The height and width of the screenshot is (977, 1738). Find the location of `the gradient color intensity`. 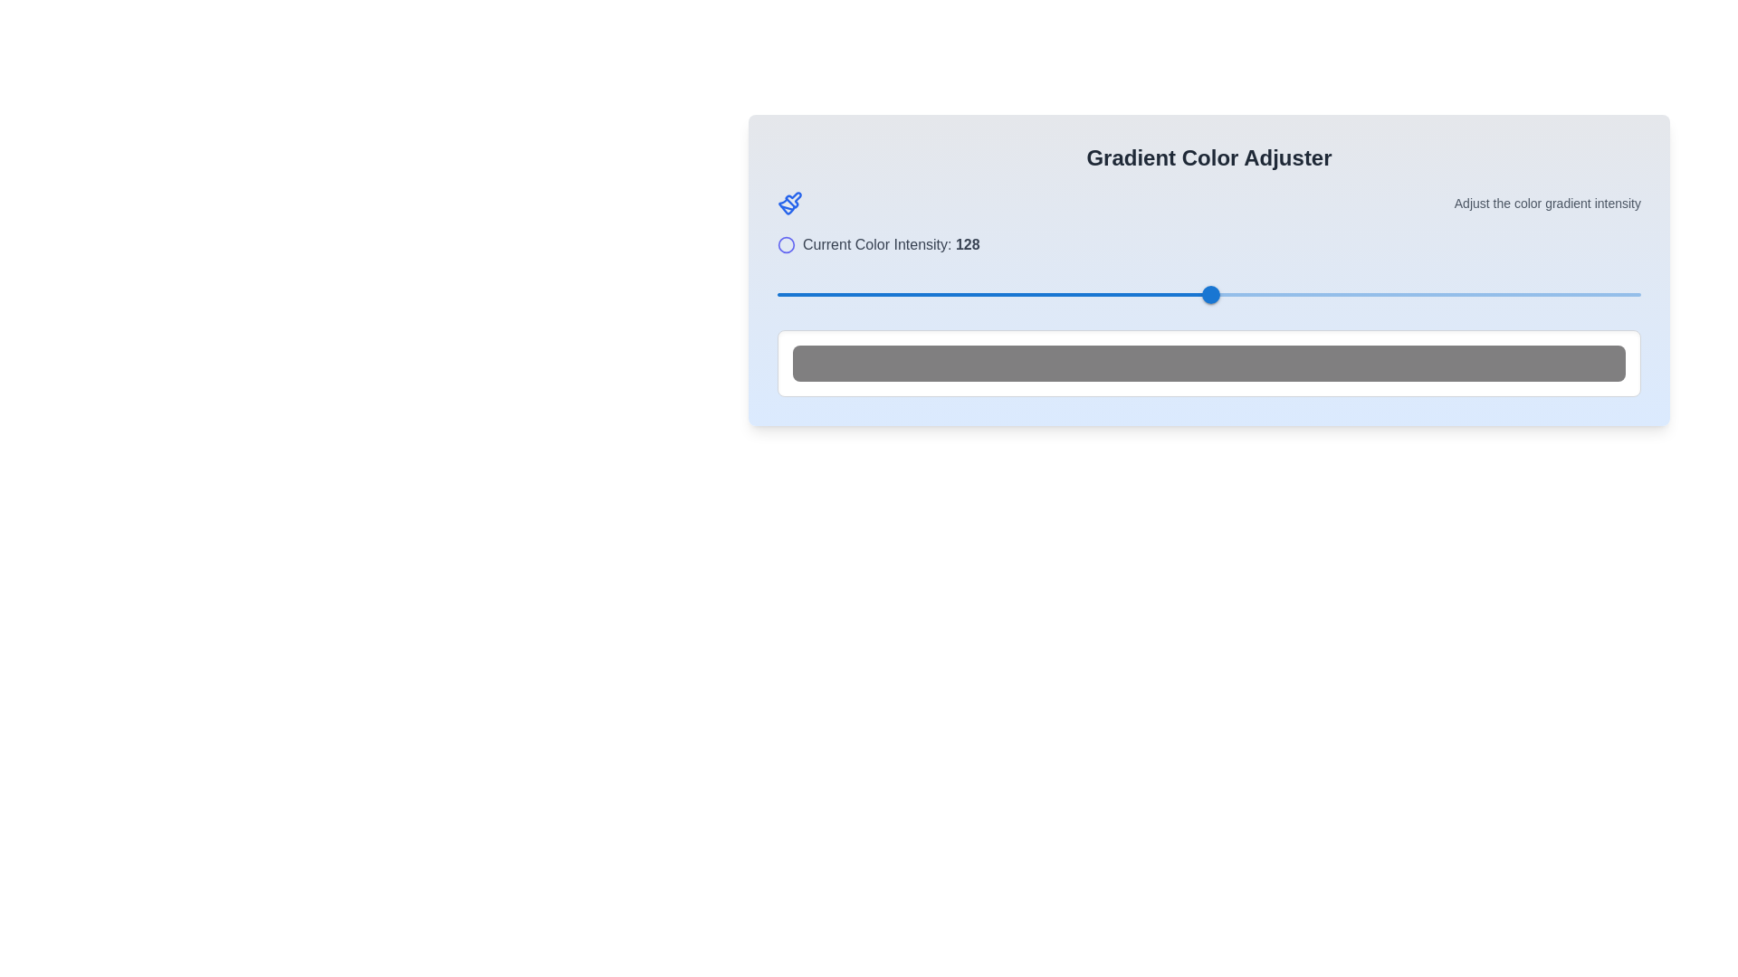

the gradient color intensity is located at coordinates (973, 294).